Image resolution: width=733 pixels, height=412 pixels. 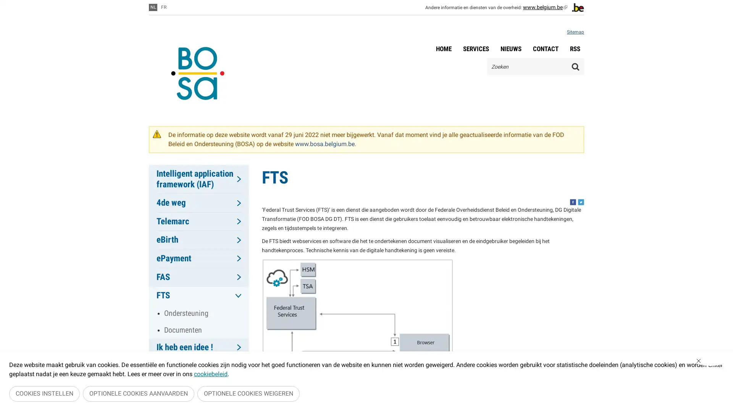 What do you see at coordinates (249, 394) in the screenshot?
I see `OPTIONELE COOKIES WEIGEREN` at bounding box center [249, 394].